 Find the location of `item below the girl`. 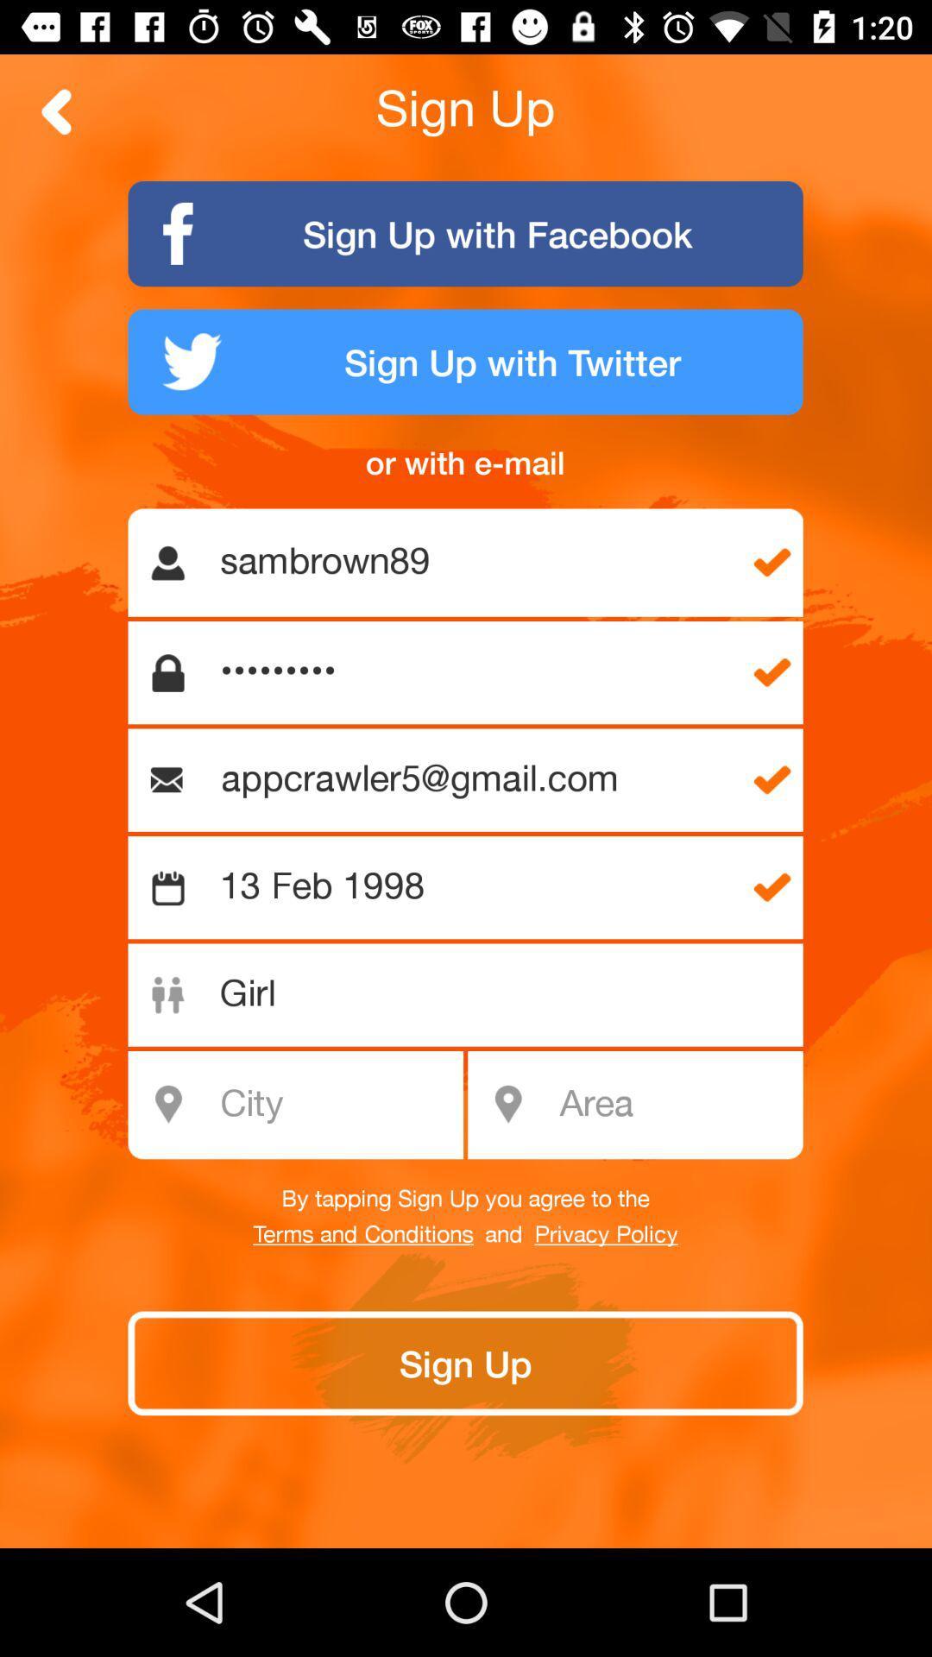

item below the girl is located at coordinates (675, 1105).